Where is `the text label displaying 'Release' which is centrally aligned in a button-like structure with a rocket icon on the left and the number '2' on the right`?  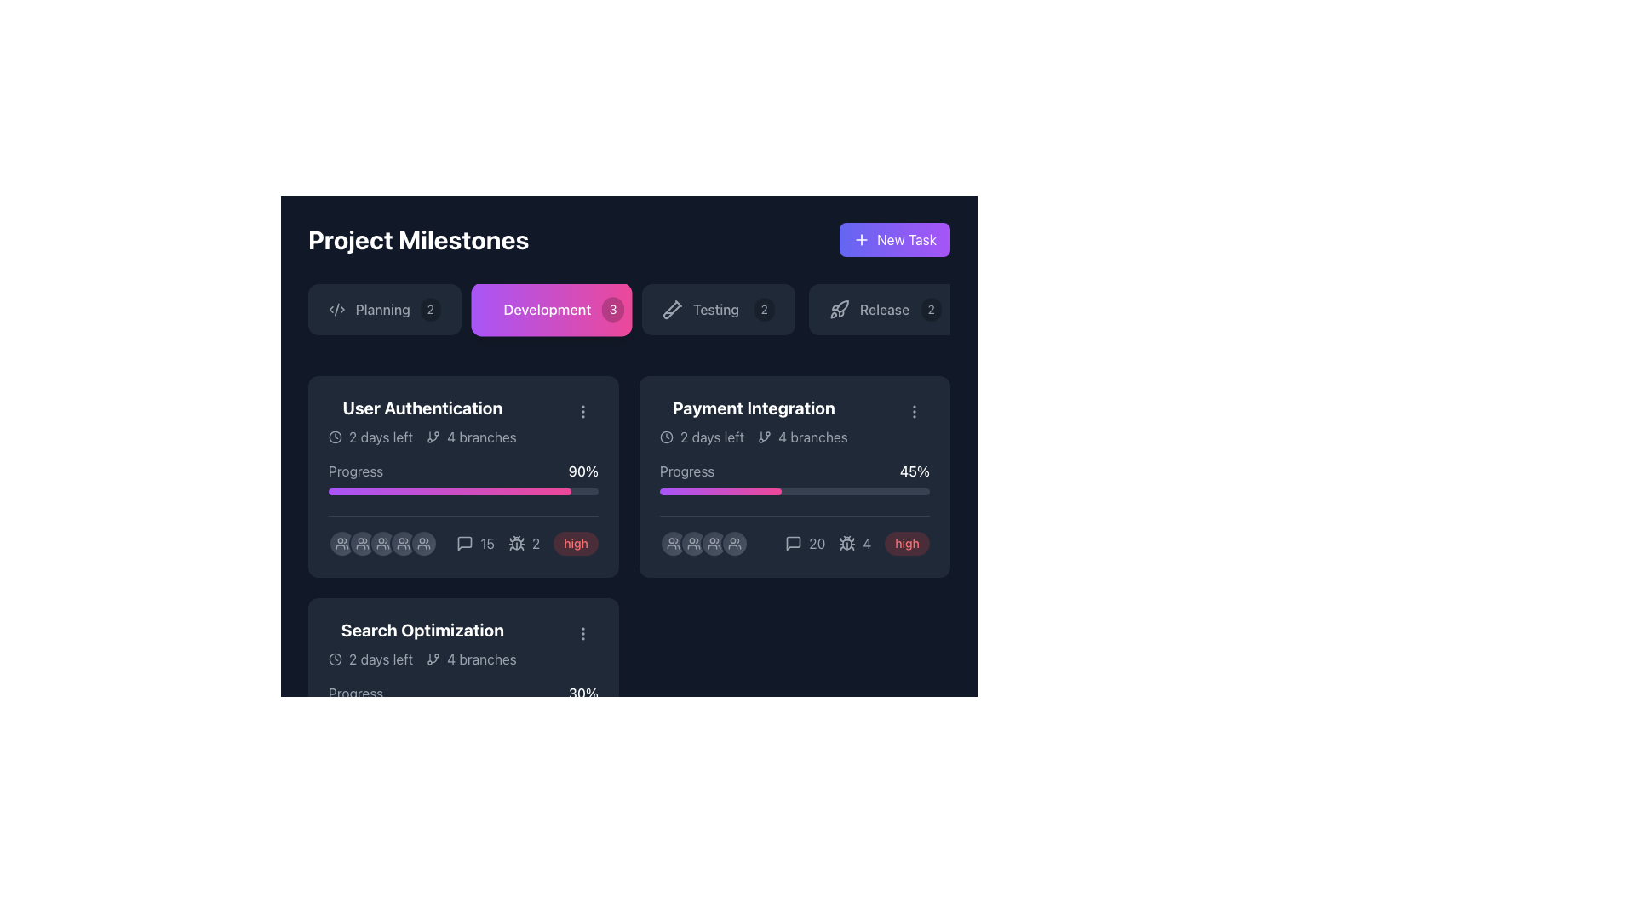
the text label displaying 'Release' which is centrally aligned in a button-like structure with a rocket icon on the left and the number '2' on the right is located at coordinates (885, 309).